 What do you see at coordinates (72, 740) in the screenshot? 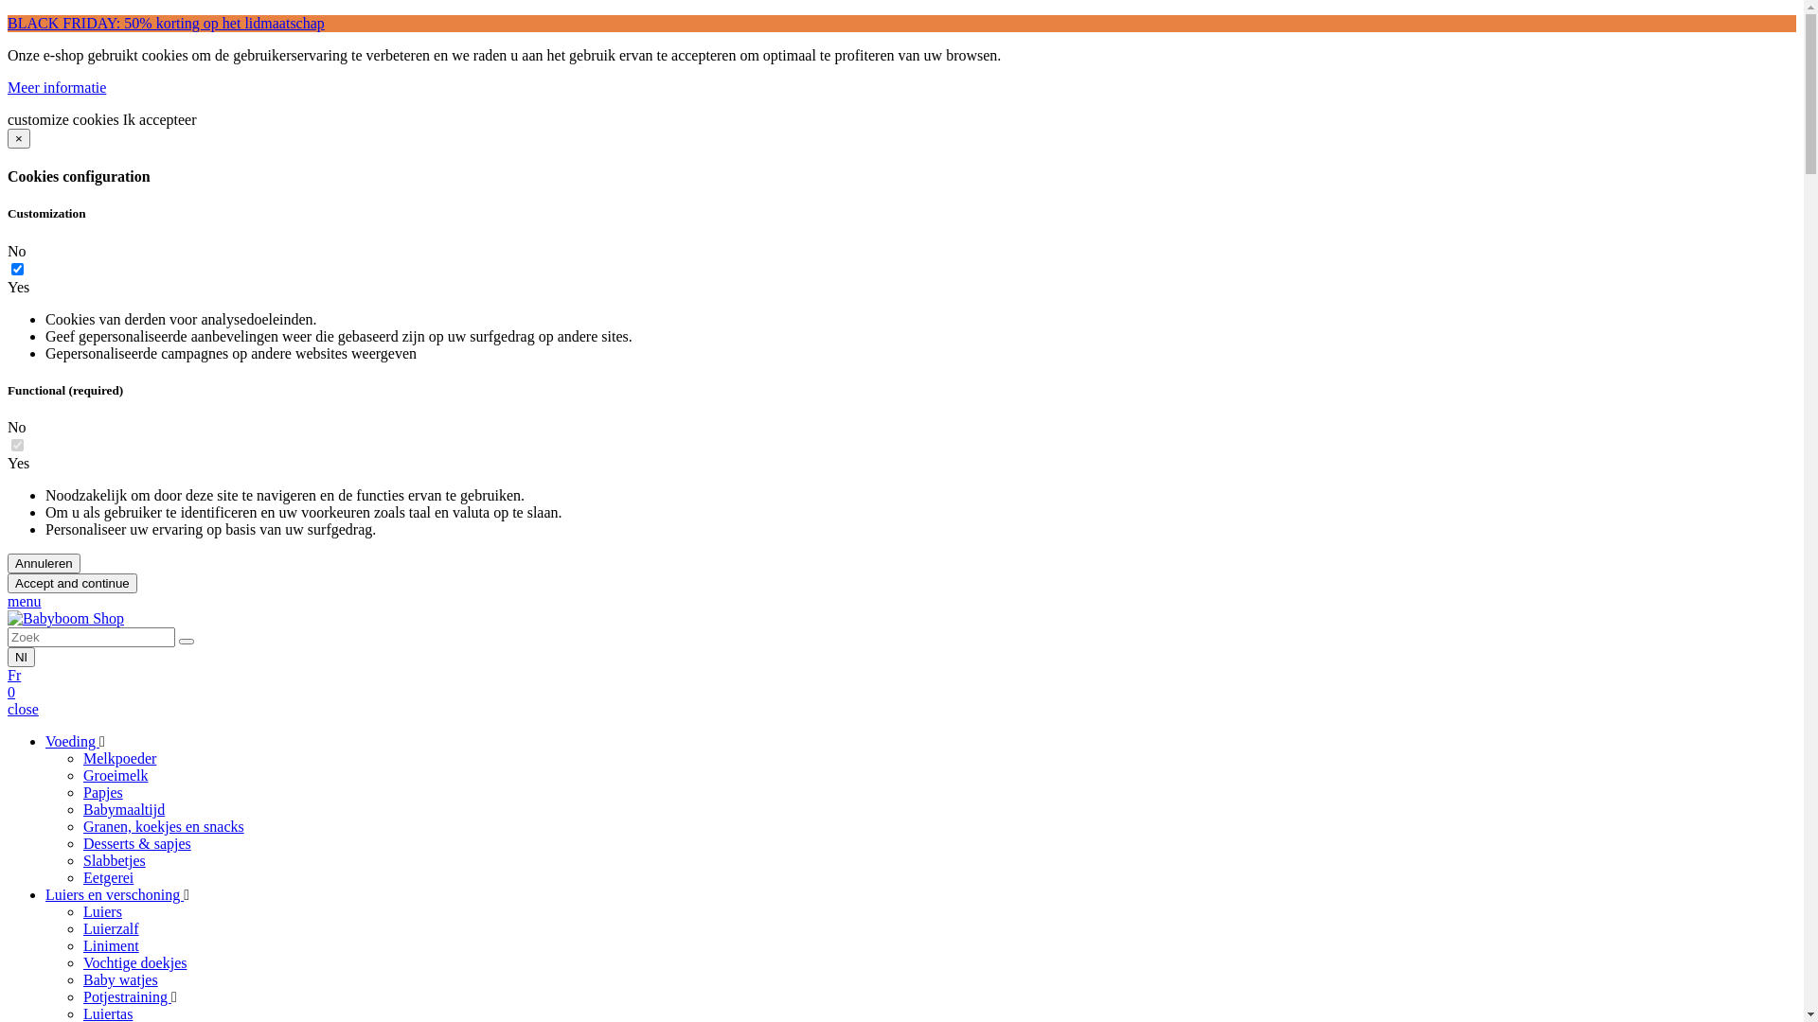
I see `'Voeding'` at bounding box center [72, 740].